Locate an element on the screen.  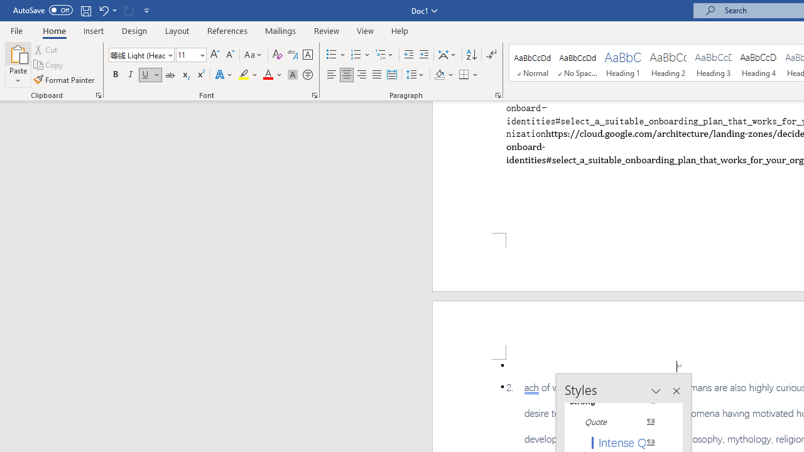
'Heading 3' is located at coordinates (714, 63).